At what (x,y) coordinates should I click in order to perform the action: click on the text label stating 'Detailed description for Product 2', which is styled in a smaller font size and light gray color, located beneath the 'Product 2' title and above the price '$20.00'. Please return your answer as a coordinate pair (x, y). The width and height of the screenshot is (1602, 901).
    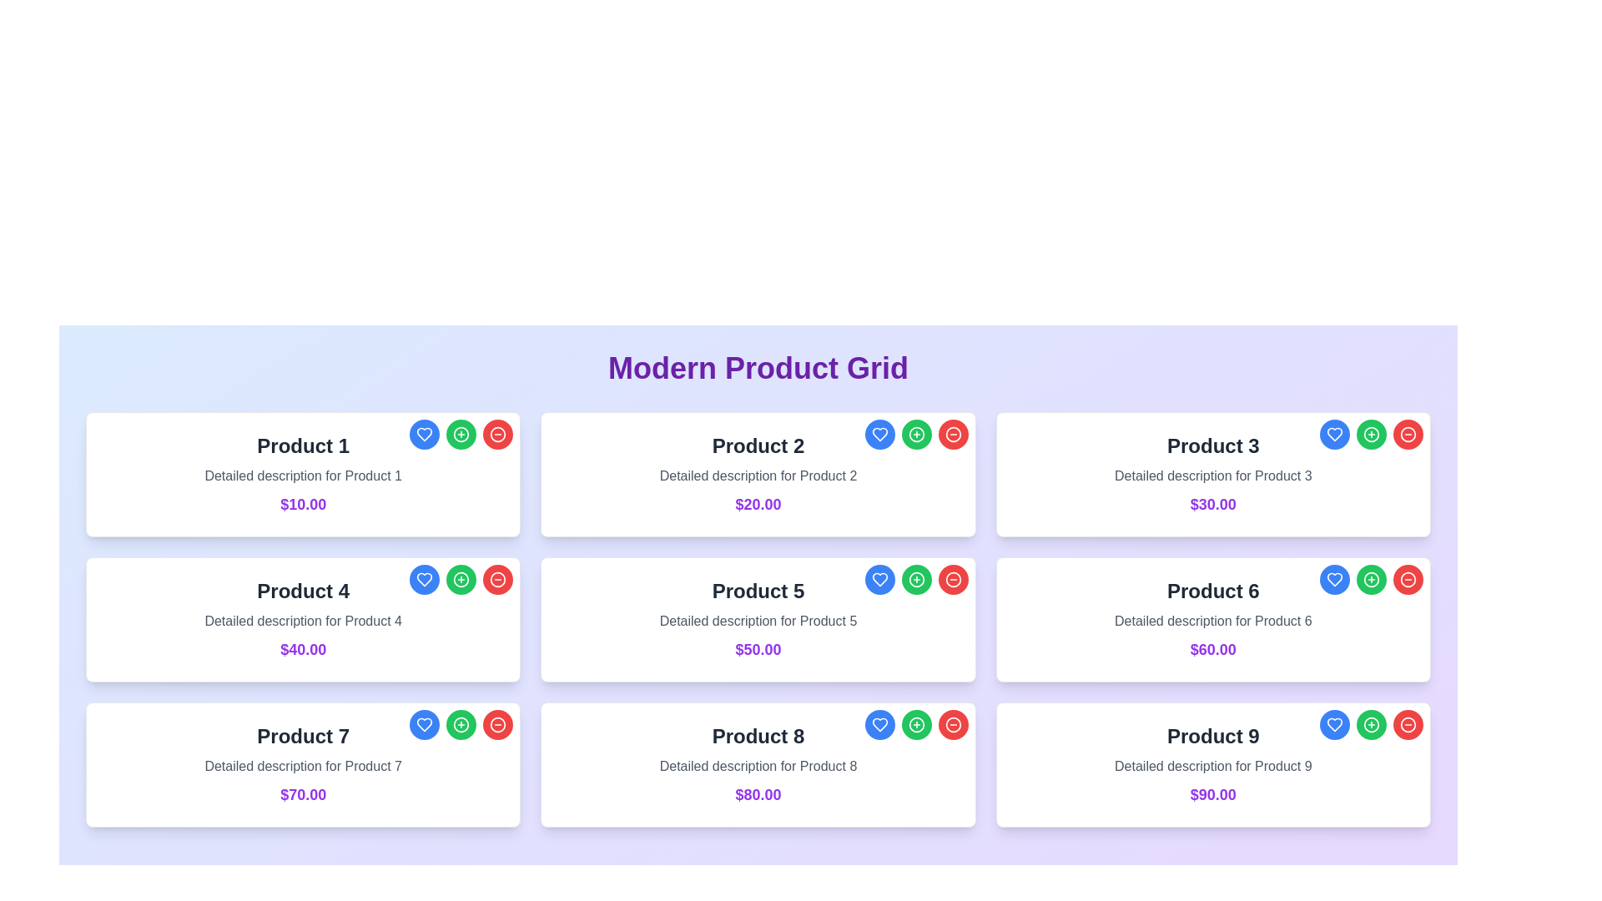
    Looking at the image, I should click on (757, 476).